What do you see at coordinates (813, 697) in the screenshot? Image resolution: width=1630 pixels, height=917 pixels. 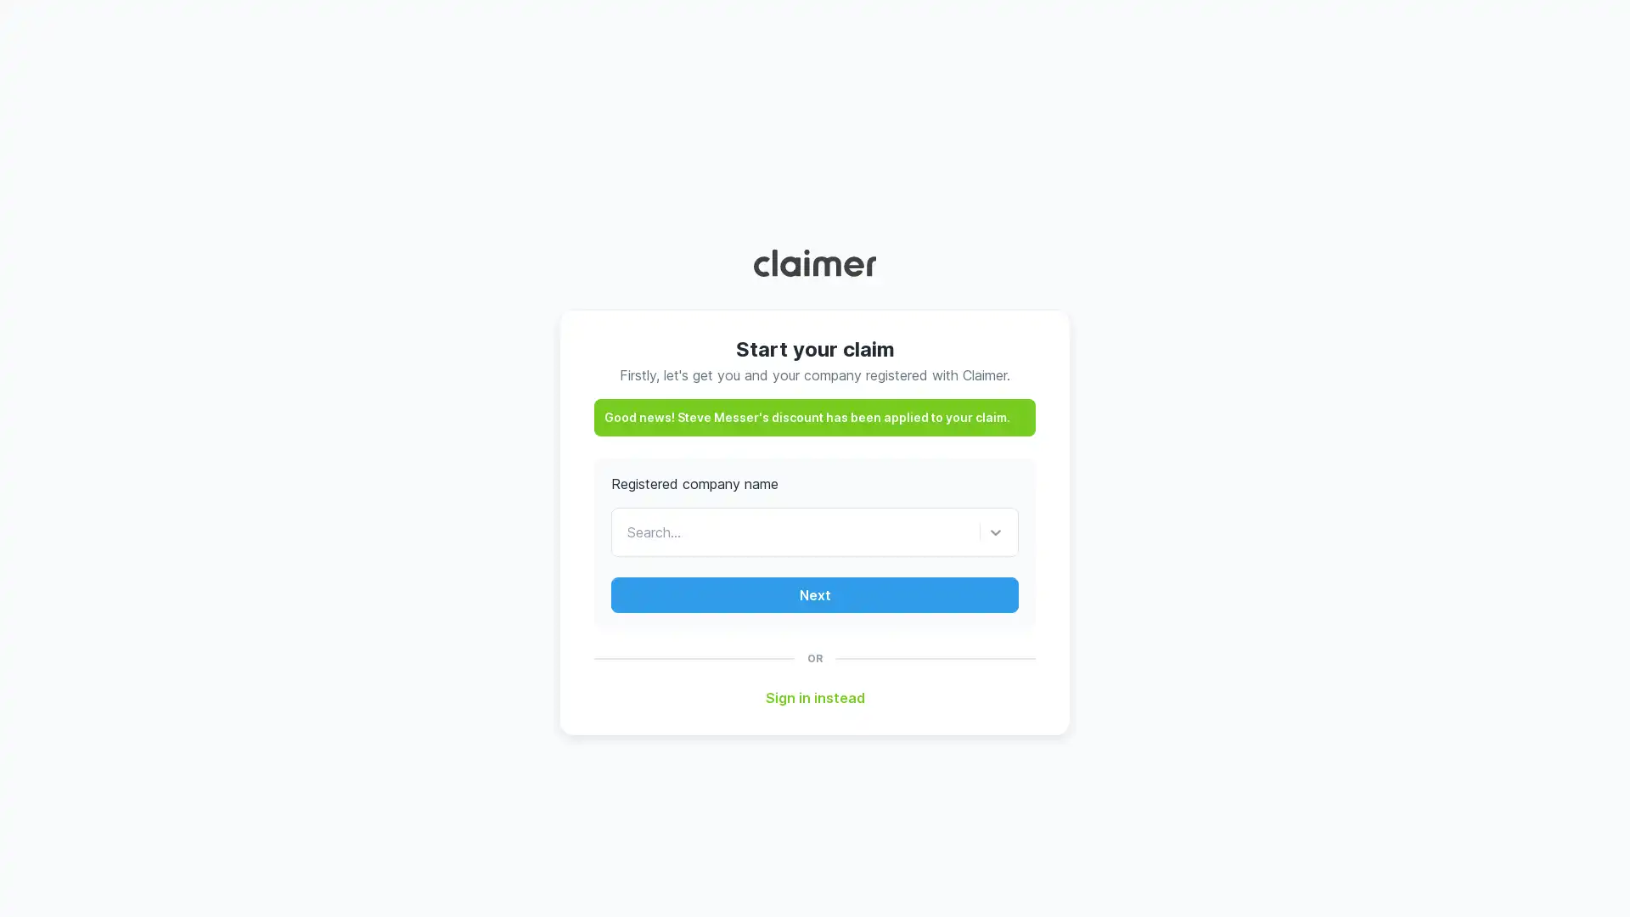 I see `Sign in instead` at bounding box center [813, 697].